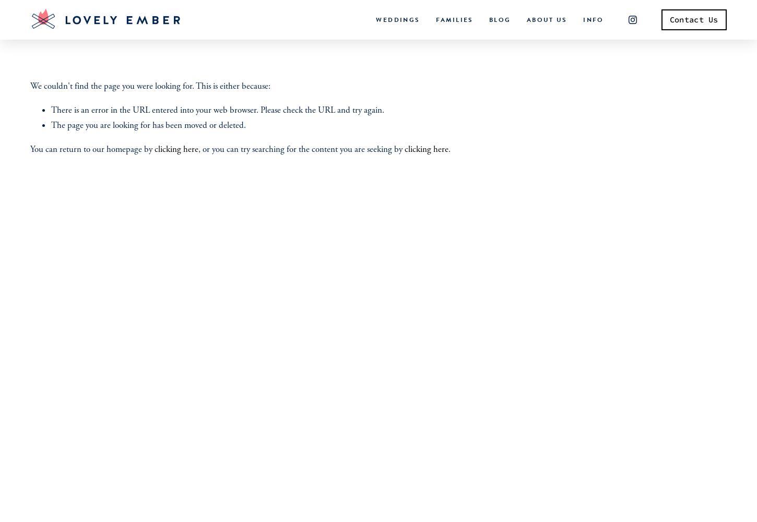 Image resolution: width=757 pixels, height=522 pixels. I want to click on 'FAQ', so click(586, 67).